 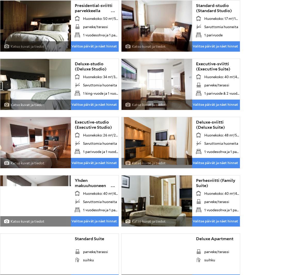 I want to click on 'Deluxe-sviitti (Deluxe Suite)', so click(x=196, y=125).